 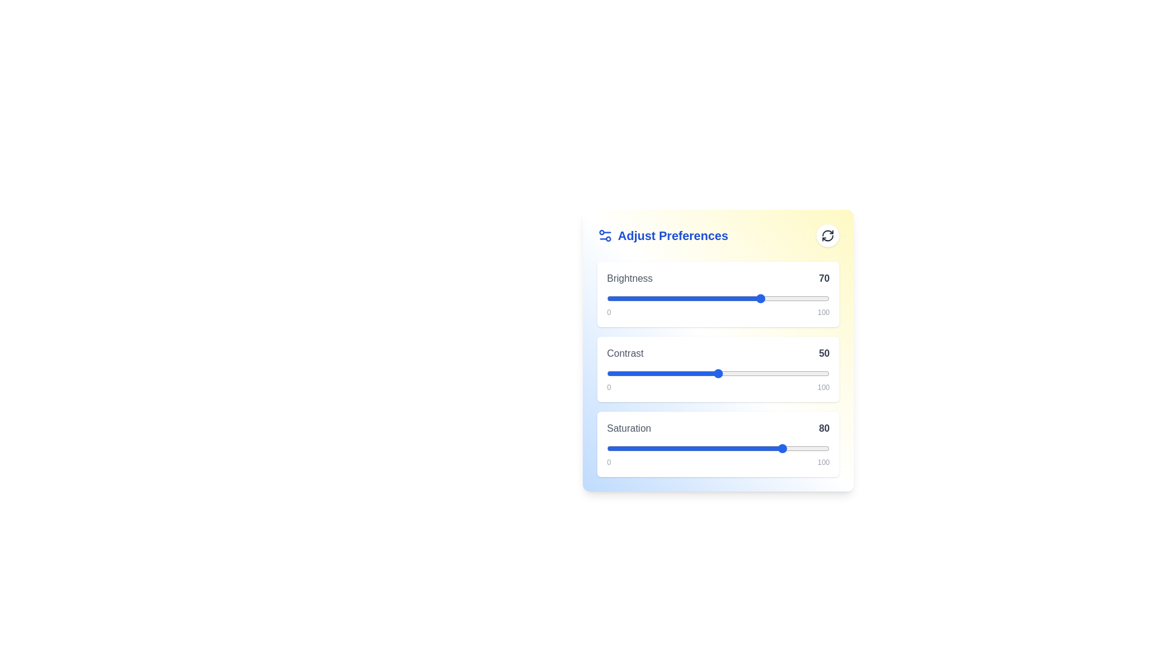 I want to click on the refresh button with an icon located at the top-right corner of the 'Adjust Preferences' section, so click(x=827, y=235).